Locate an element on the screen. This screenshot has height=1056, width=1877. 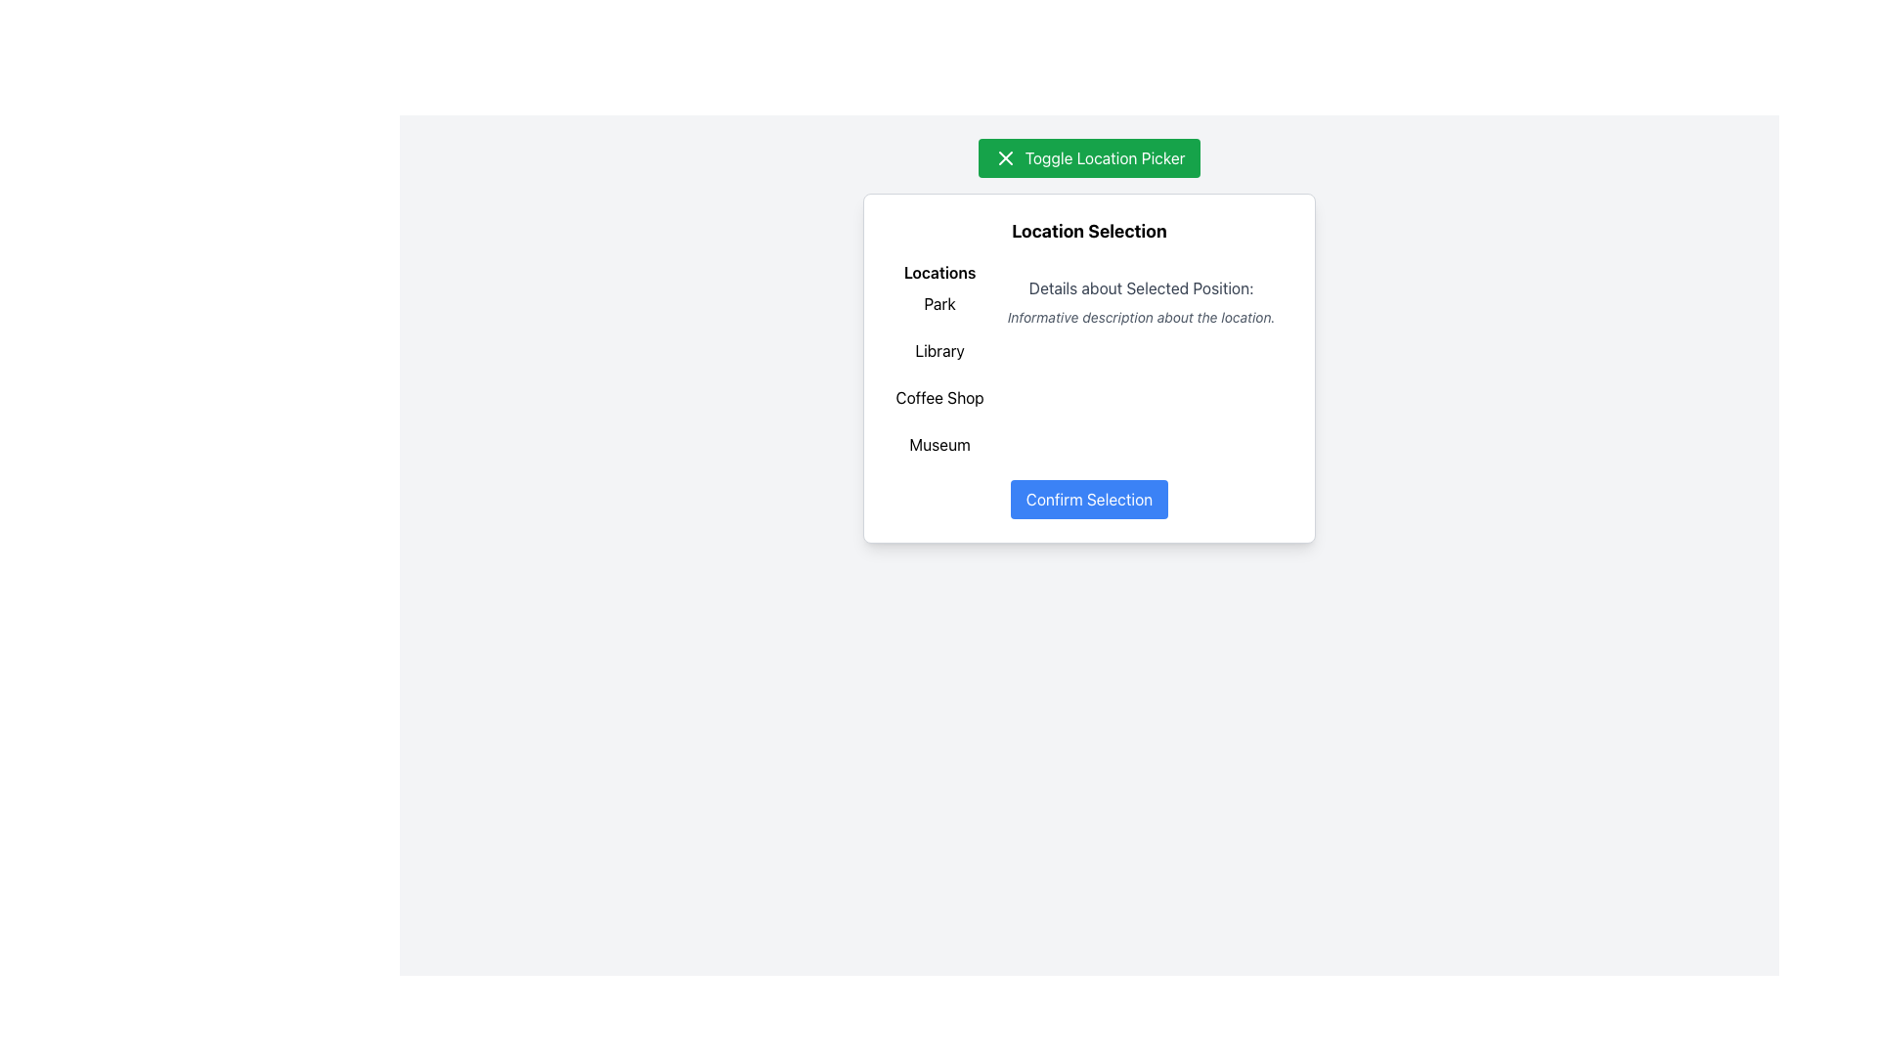
the italicized gray text element that reads 'Informative description about the location.' located directly under the bold label 'Details about Selected Position:' in the modal is located at coordinates (1141, 316).